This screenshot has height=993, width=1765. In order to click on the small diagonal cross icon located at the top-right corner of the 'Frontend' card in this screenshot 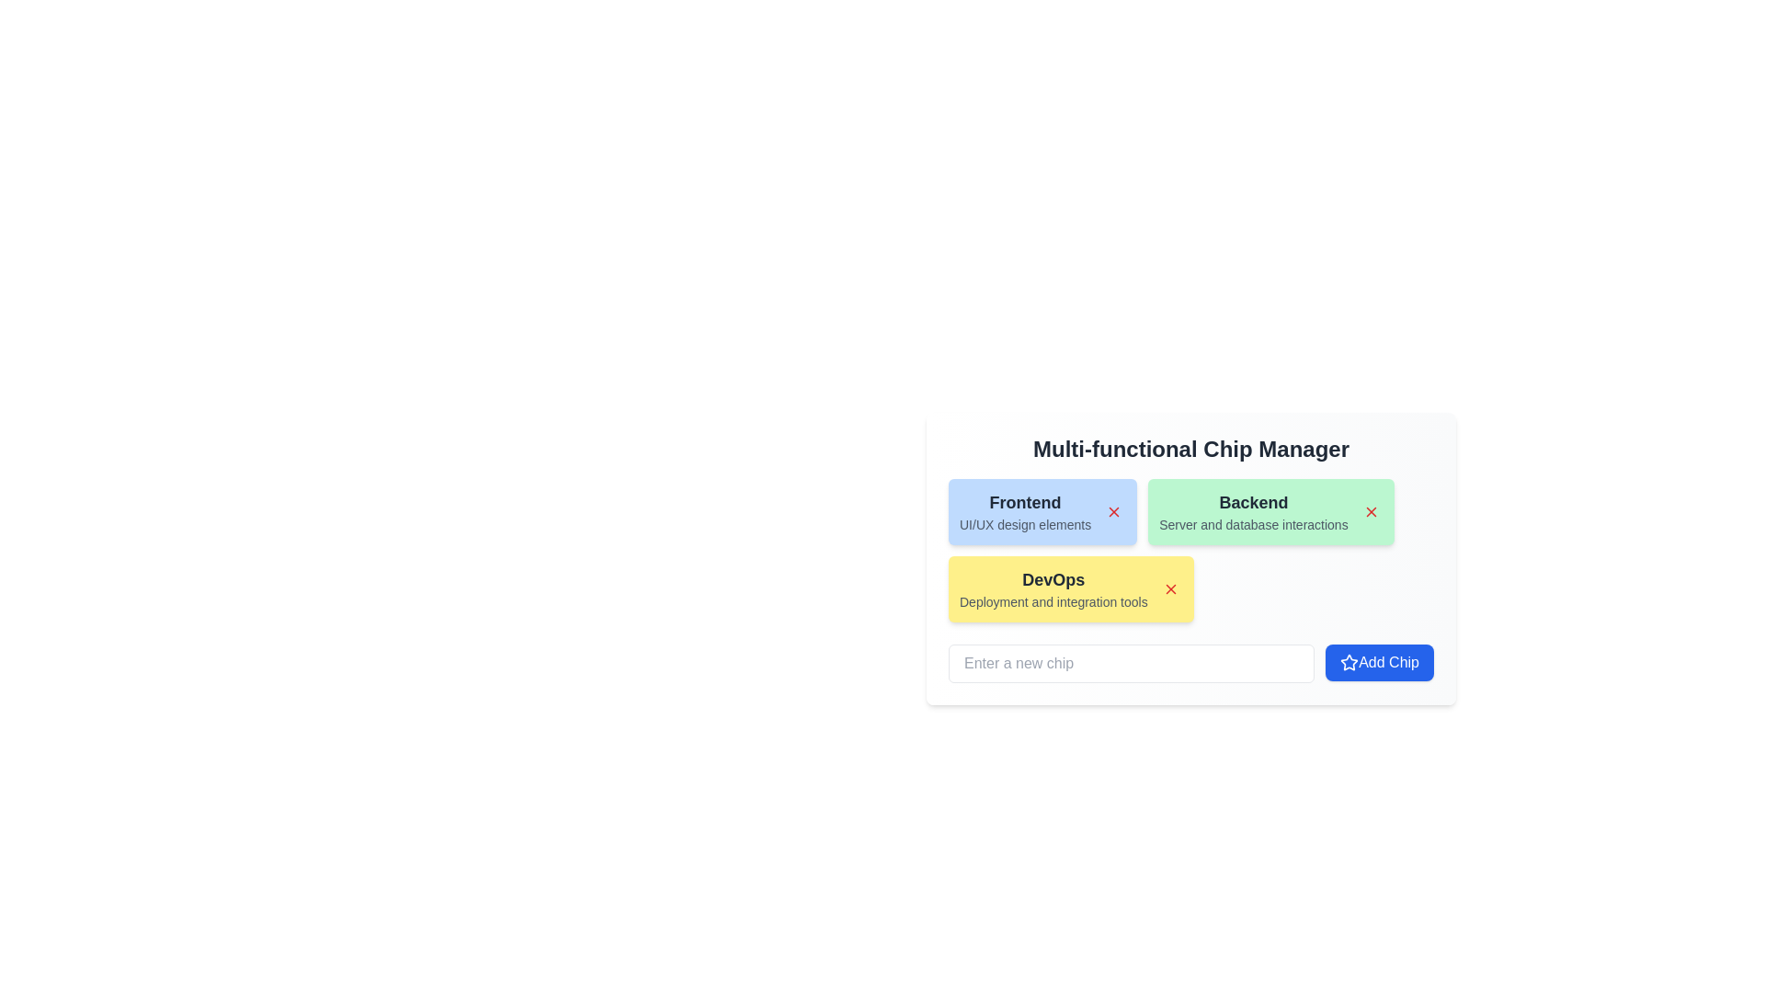, I will do `click(1113, 511)`.